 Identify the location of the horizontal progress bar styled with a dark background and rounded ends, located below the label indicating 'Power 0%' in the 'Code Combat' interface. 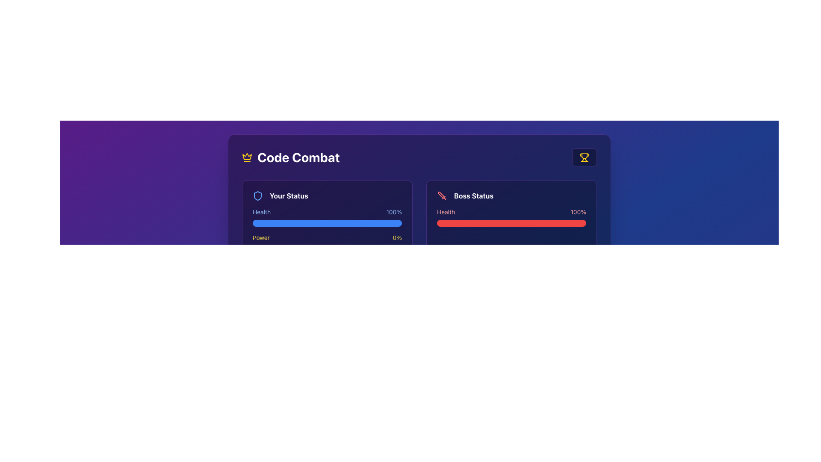
(327, 249).